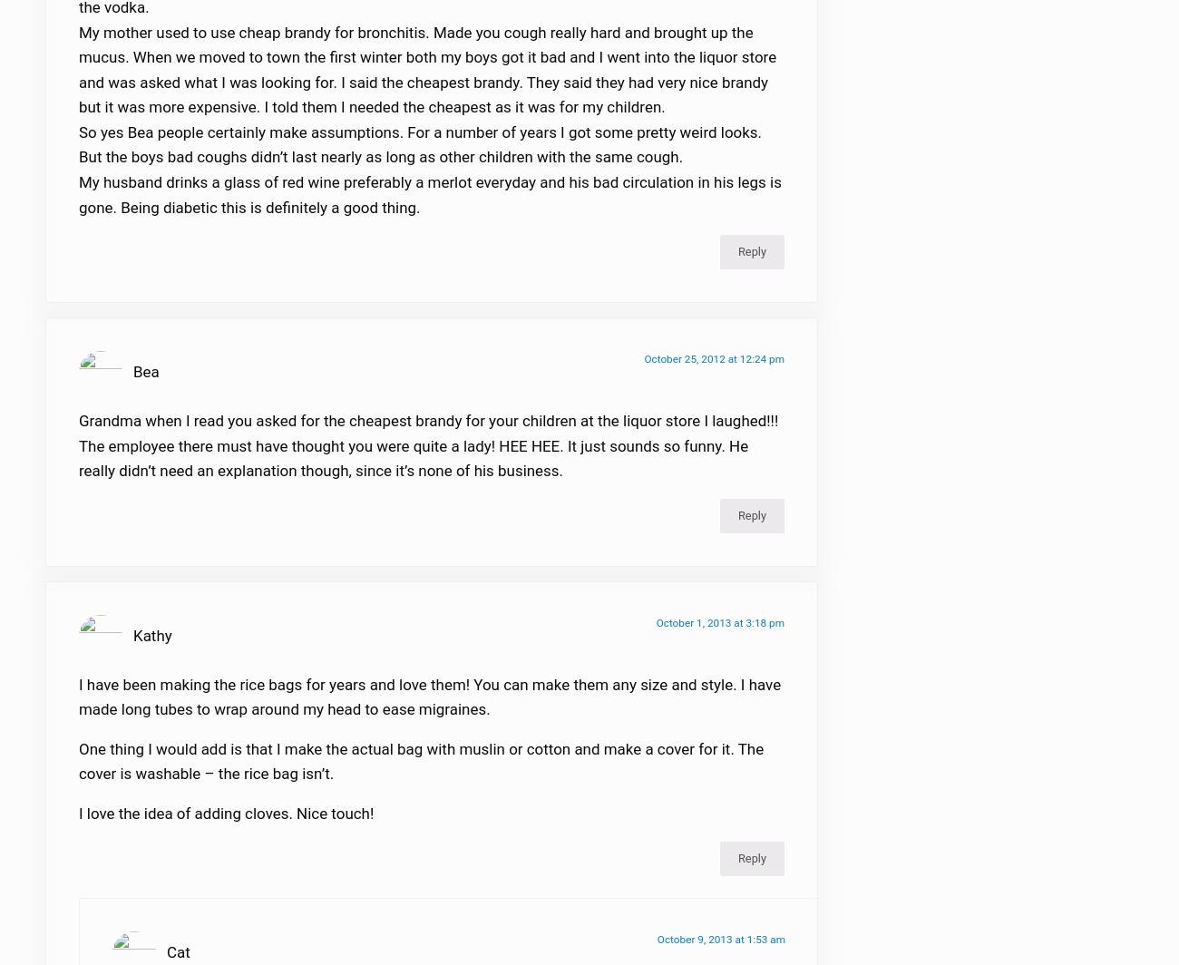 The height and width of the screenshot is (965, 1179). I want to click on 'I have been making the rice bags for years and love them! You can make them any size and style. I have made long tubes to wrap around my head to ease migraines.', so click(428, 707).